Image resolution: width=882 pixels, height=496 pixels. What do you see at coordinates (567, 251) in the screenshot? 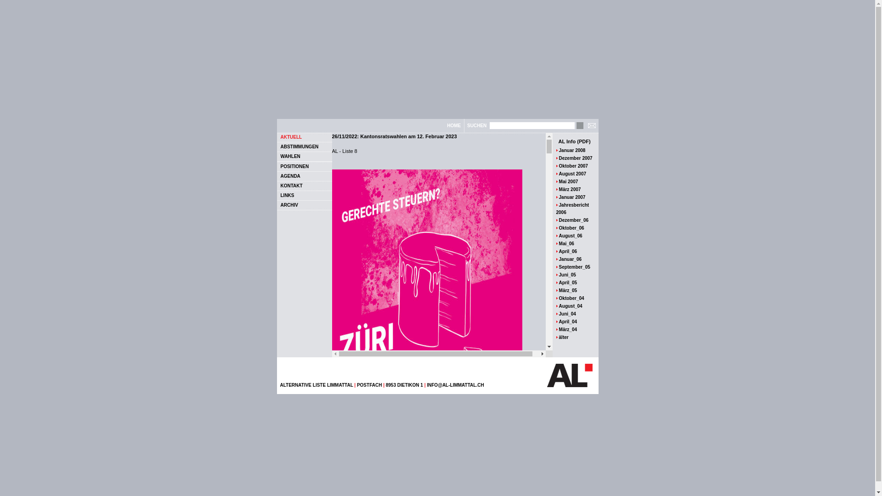
I see `'April_06'` at bounding box center [567, 251].